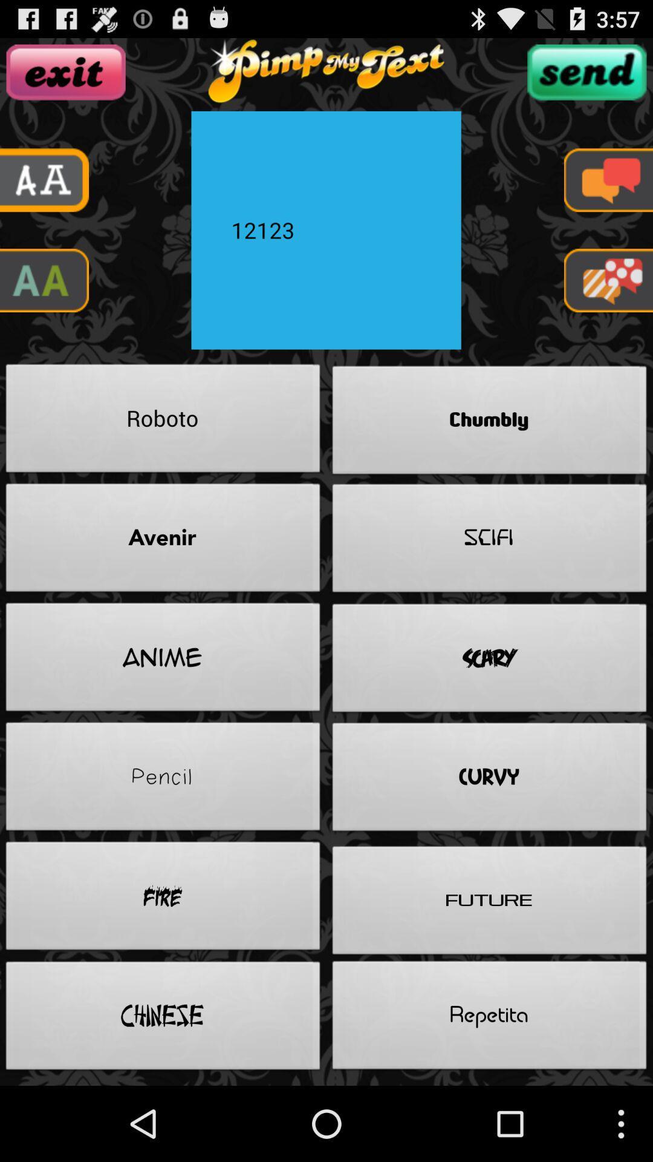 The width and height of the screenshot is (653, 1162). Describe the element at coordinates (44, 192) in the screenshot. I see `the font icon` at that location.